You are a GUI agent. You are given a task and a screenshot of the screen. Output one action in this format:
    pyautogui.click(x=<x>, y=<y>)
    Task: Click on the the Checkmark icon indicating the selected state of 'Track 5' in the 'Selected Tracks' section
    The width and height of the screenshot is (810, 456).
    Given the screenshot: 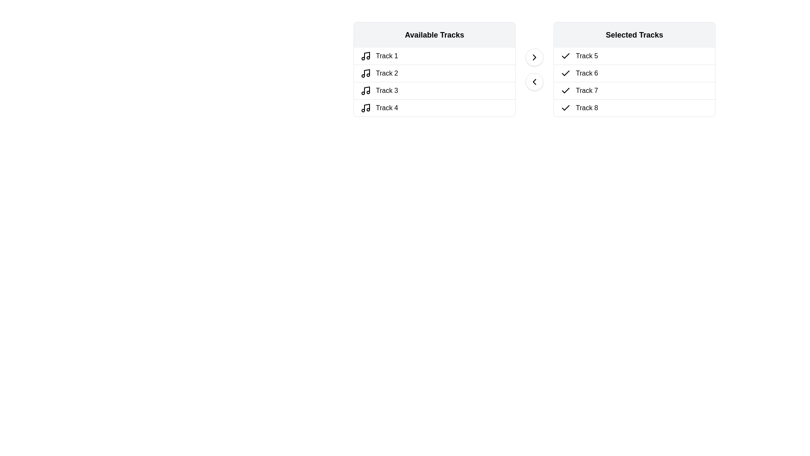 What is the action you would take?
    pyautogui.click(x=565, y=56)
    